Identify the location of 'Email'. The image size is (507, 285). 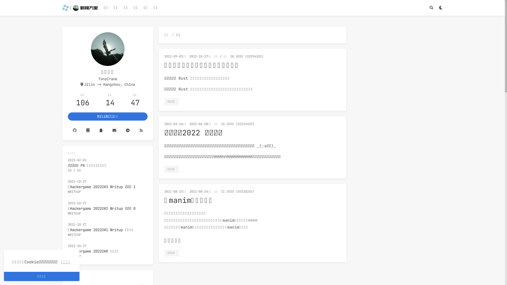
(114, 130).